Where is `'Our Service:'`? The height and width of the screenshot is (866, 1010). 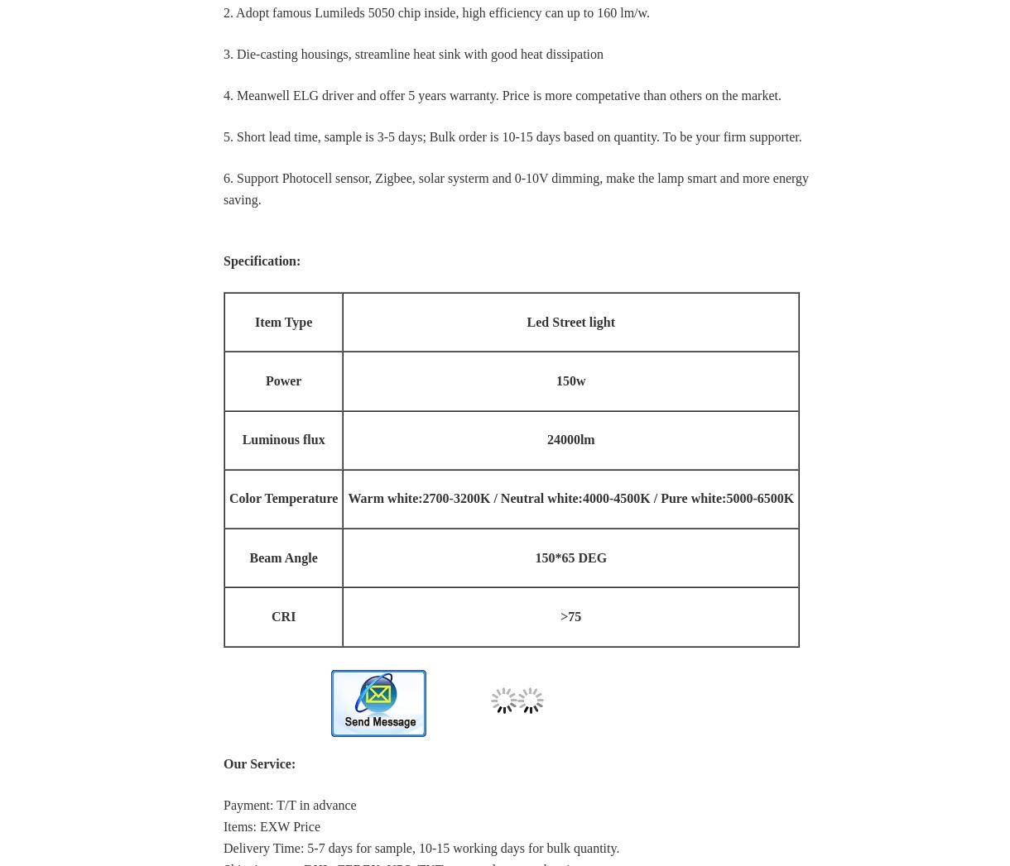
'Our Service:' is located at coordinates (259, 763).